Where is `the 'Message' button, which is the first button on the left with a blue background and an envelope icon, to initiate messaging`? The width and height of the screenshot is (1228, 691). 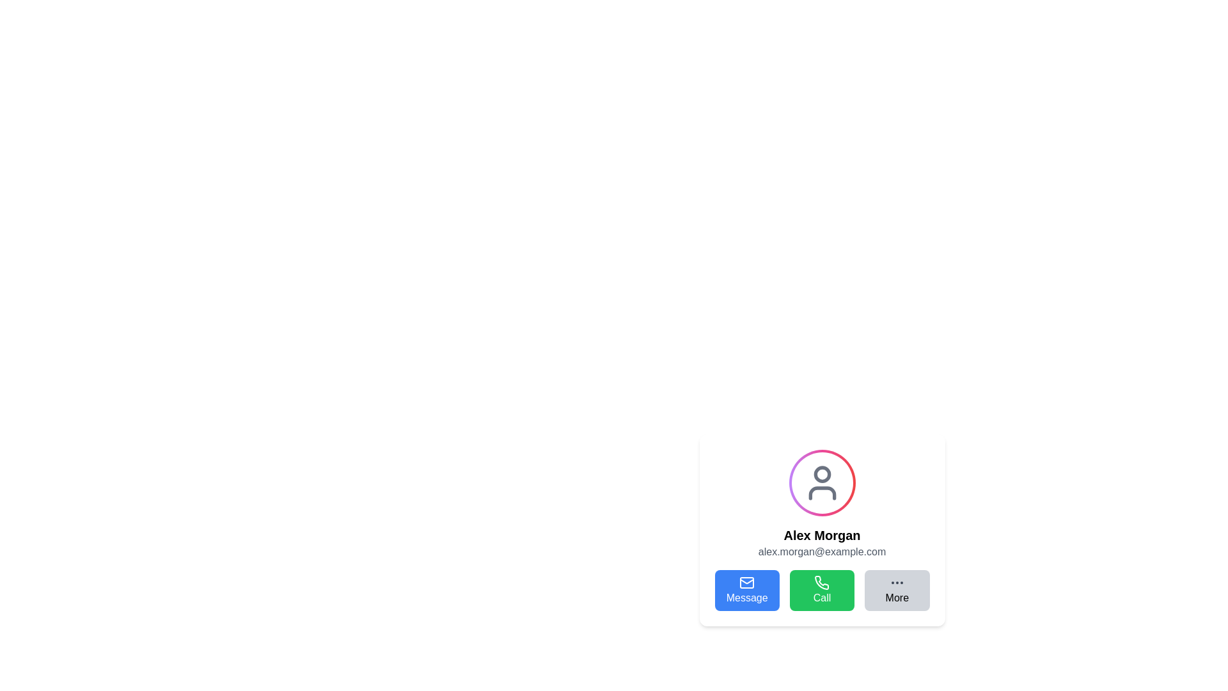 the 'Message' button, which is the first button on the left with a blue background and an envelope icon, to initiate messaging is located at coordinates (747, 590).